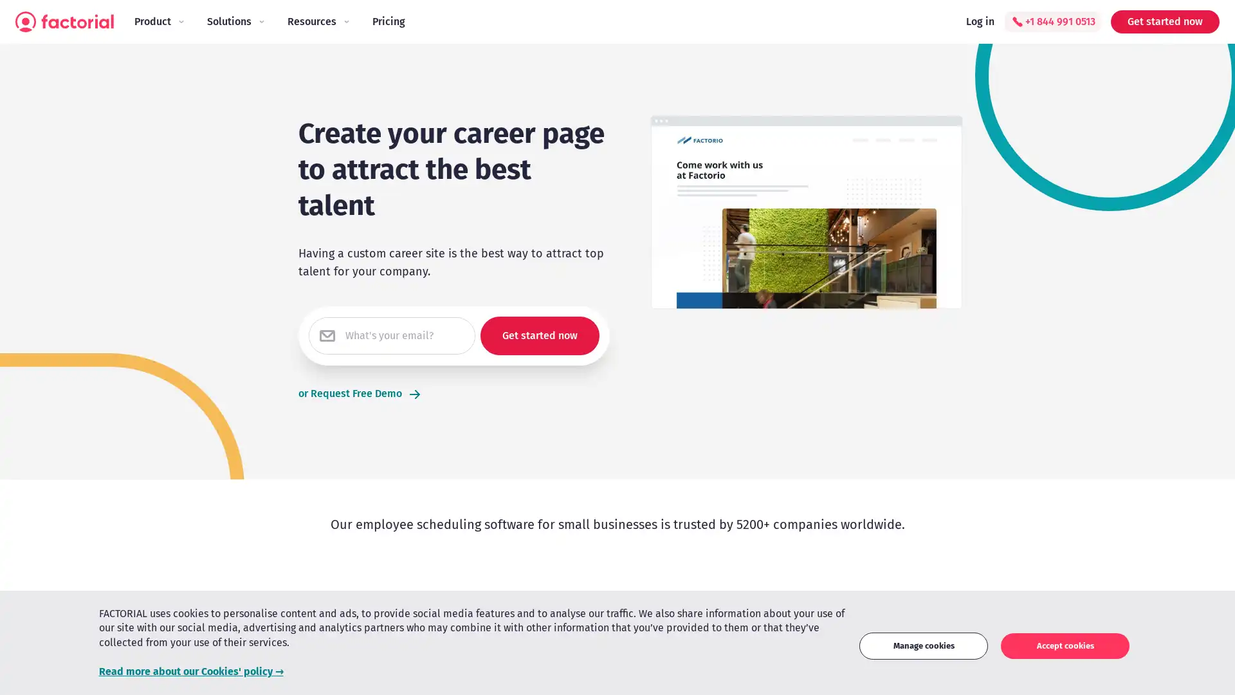  What do you see at coordinates (237, 22) in the screenshot?
I see `Solutions` at bounding box center [237, 22].